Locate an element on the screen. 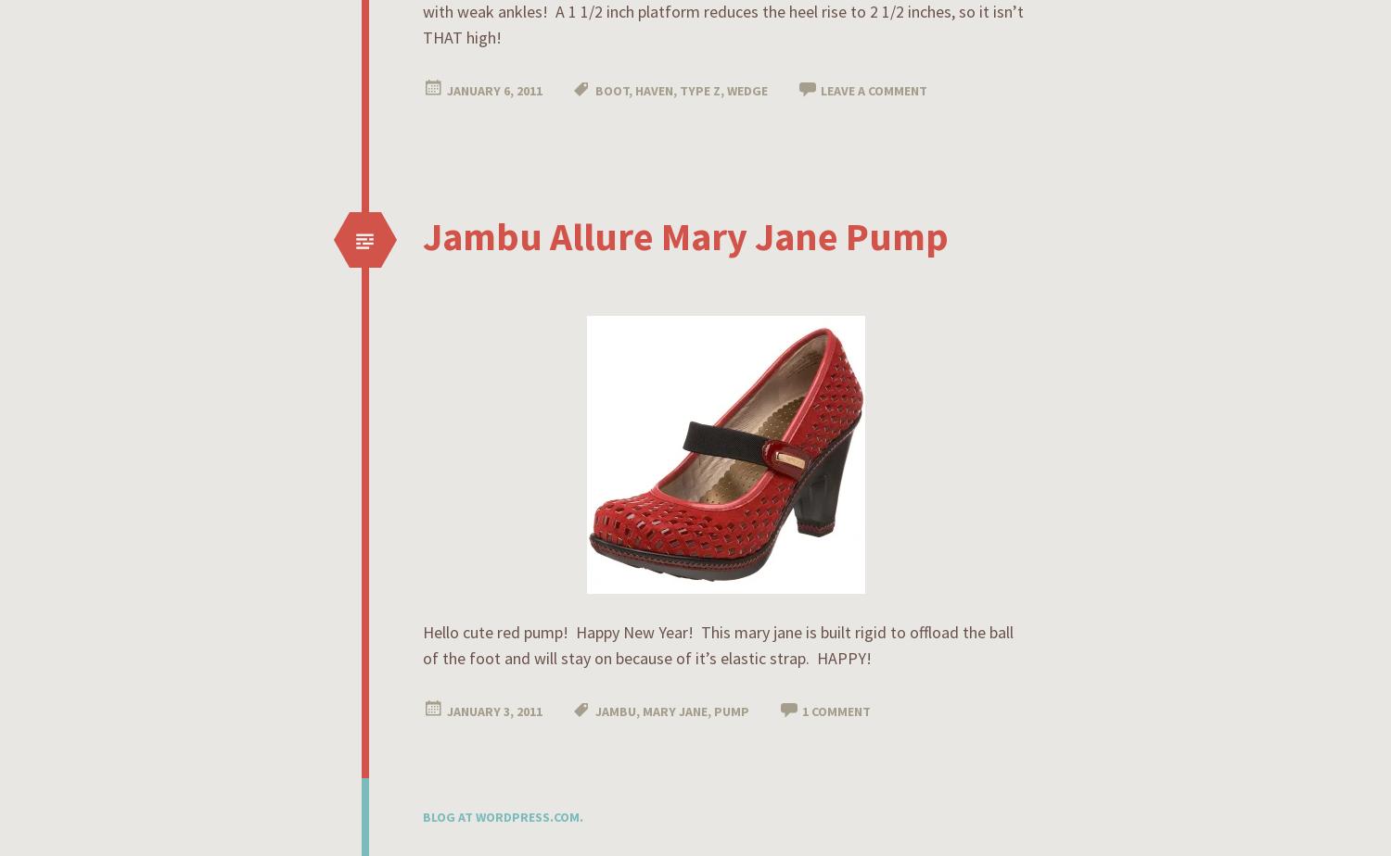 This screenshot has width=1391, height=856. 'Jambu Allure Mary Jane Pump' is located at coordinates (684, 236).